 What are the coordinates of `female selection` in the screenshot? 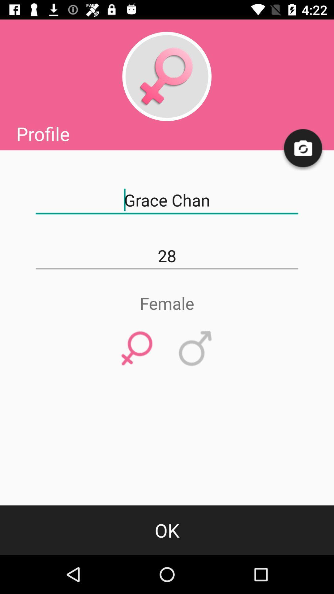 It's located at (137, 349).